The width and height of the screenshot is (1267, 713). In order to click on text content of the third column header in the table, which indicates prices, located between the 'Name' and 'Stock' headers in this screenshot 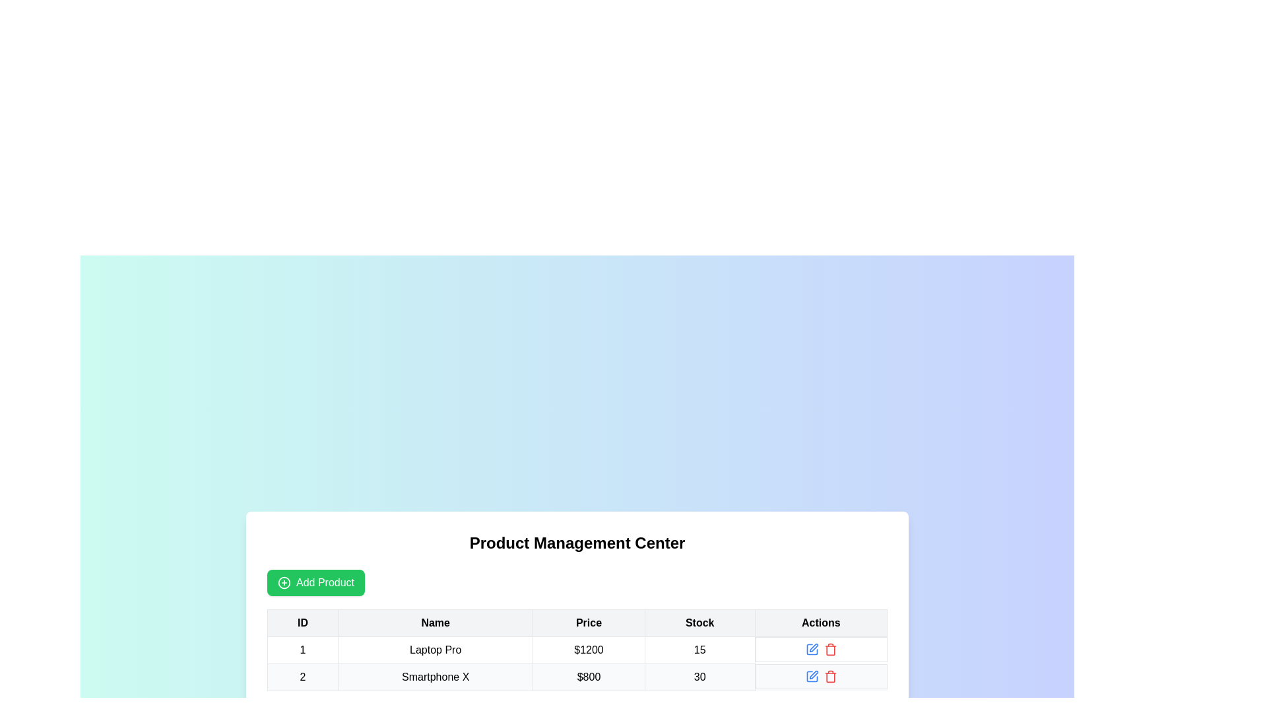, I will do `click(588, 623)`.